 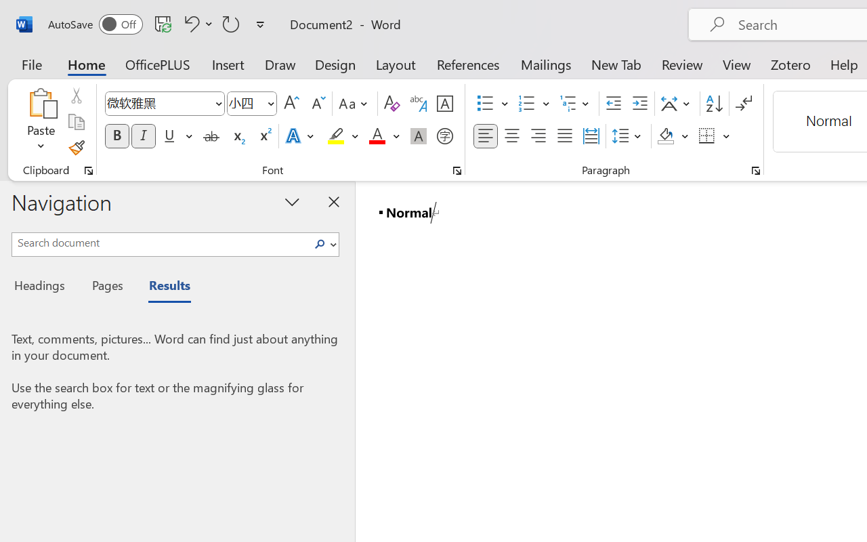 I want to click on 'Layout', so click(x=395, y=64).